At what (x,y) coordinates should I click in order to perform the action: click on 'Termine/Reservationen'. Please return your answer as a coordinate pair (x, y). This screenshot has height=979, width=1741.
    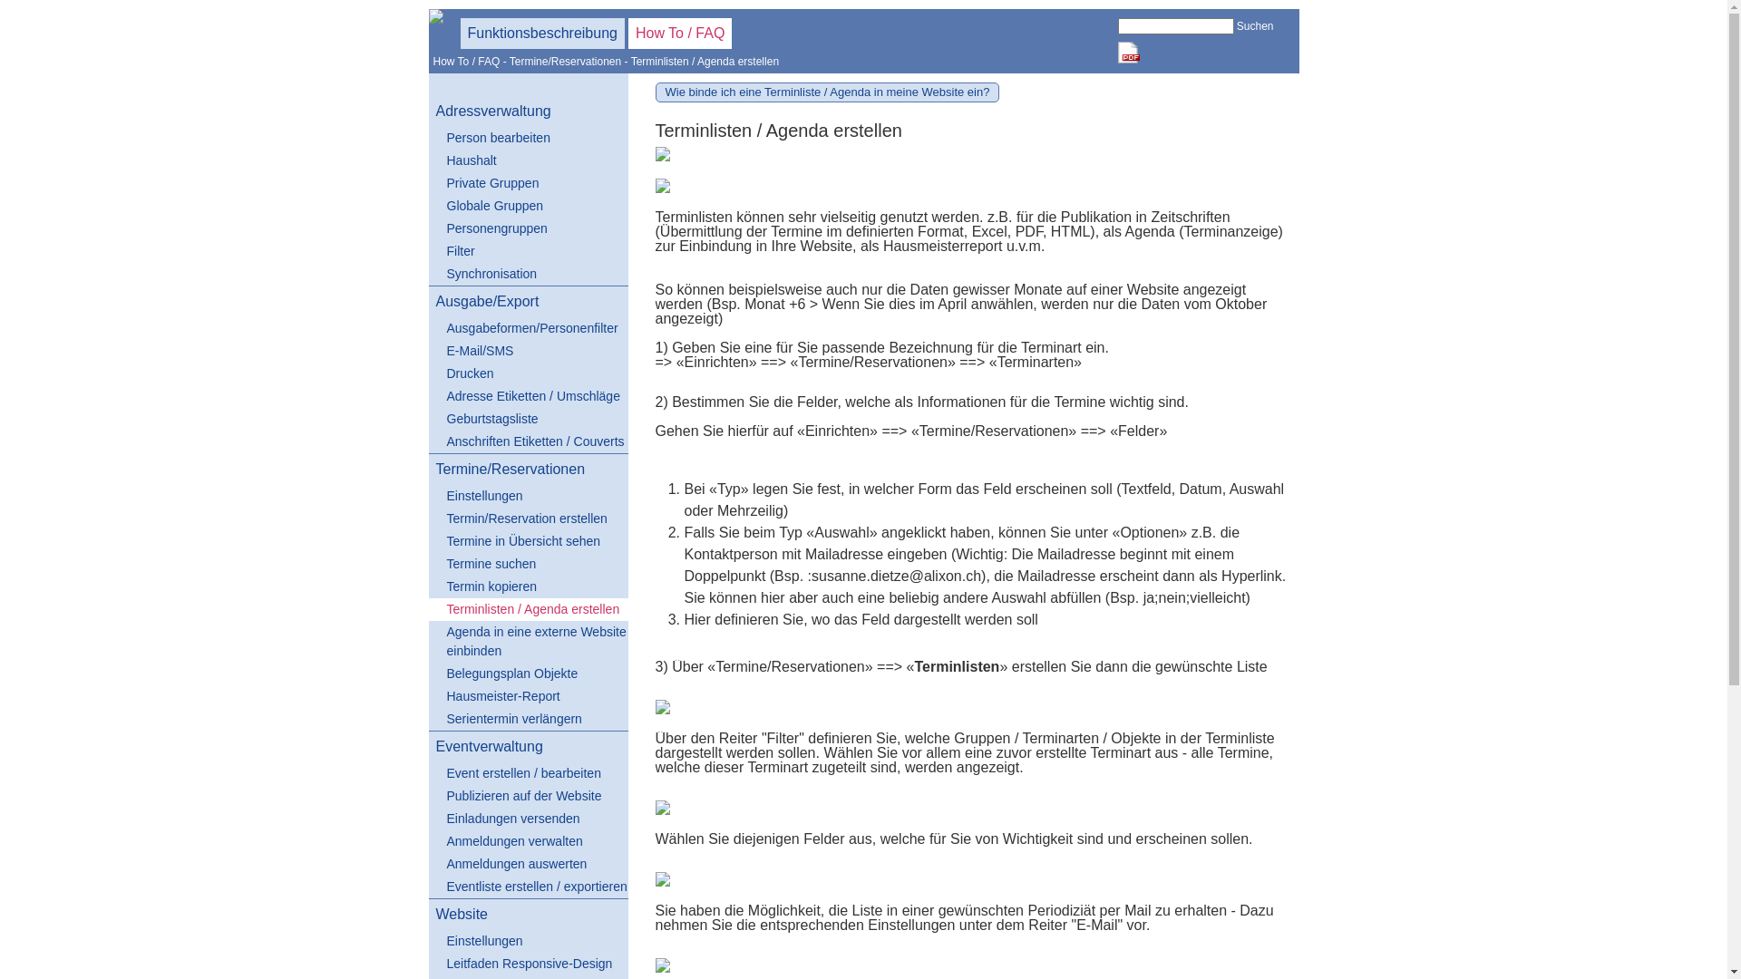
    Looking at the image, I should click on (526, 468).